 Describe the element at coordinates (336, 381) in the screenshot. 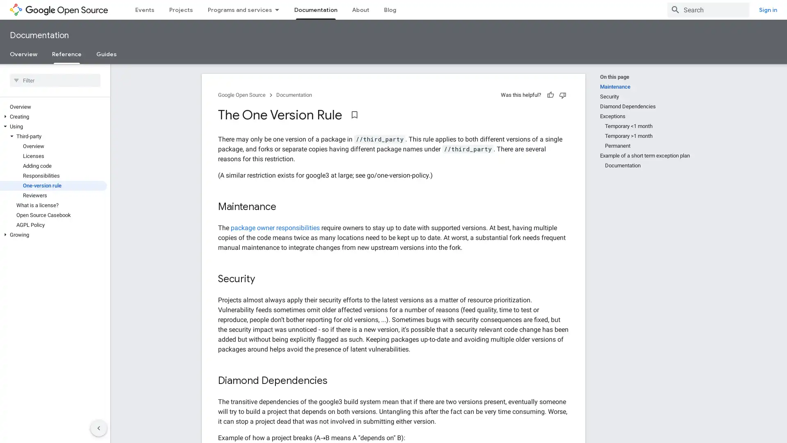

I see `Copy link to this section: Diamond Dependencies` at that location.